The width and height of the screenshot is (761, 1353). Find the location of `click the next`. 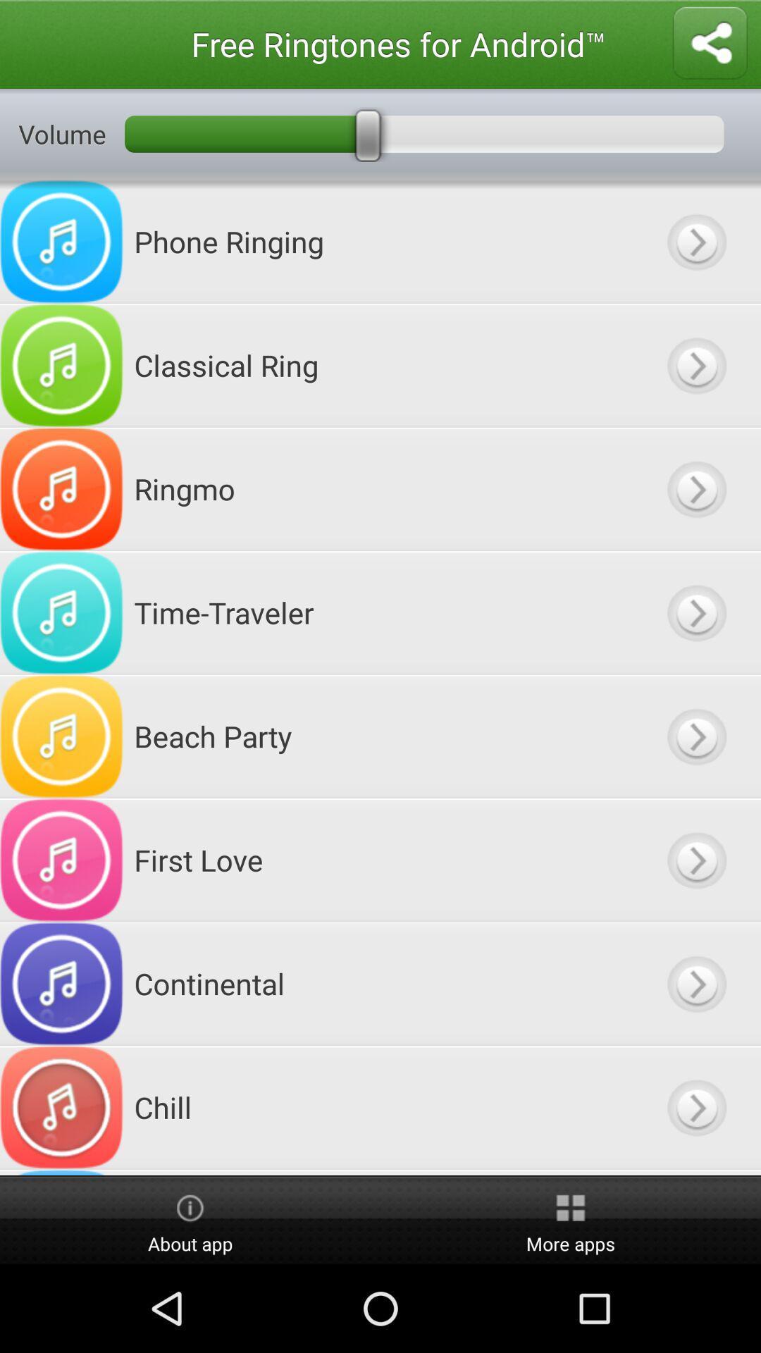

click the next is located at coordinates (695, 1106).